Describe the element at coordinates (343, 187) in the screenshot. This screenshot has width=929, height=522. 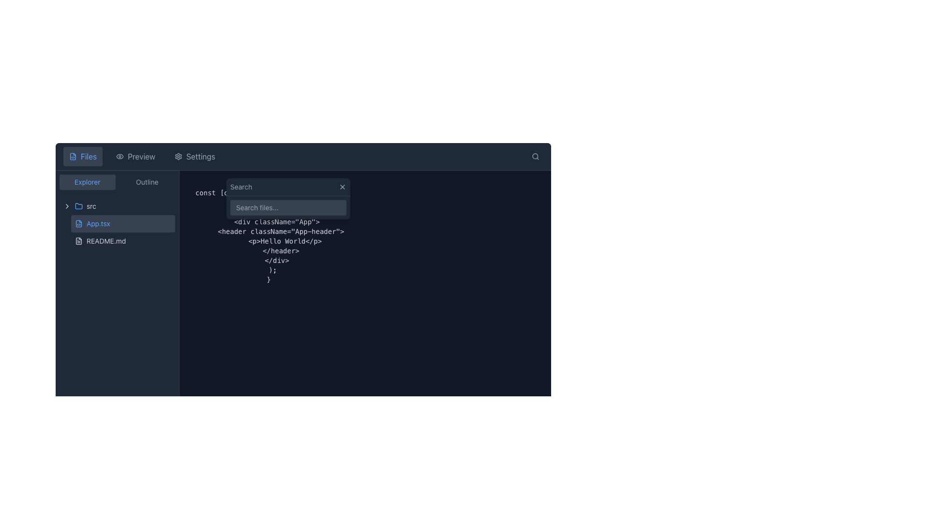
I see `the 'X' shaped close button located in the 'Search' header section to observe its hover effect` at that location.